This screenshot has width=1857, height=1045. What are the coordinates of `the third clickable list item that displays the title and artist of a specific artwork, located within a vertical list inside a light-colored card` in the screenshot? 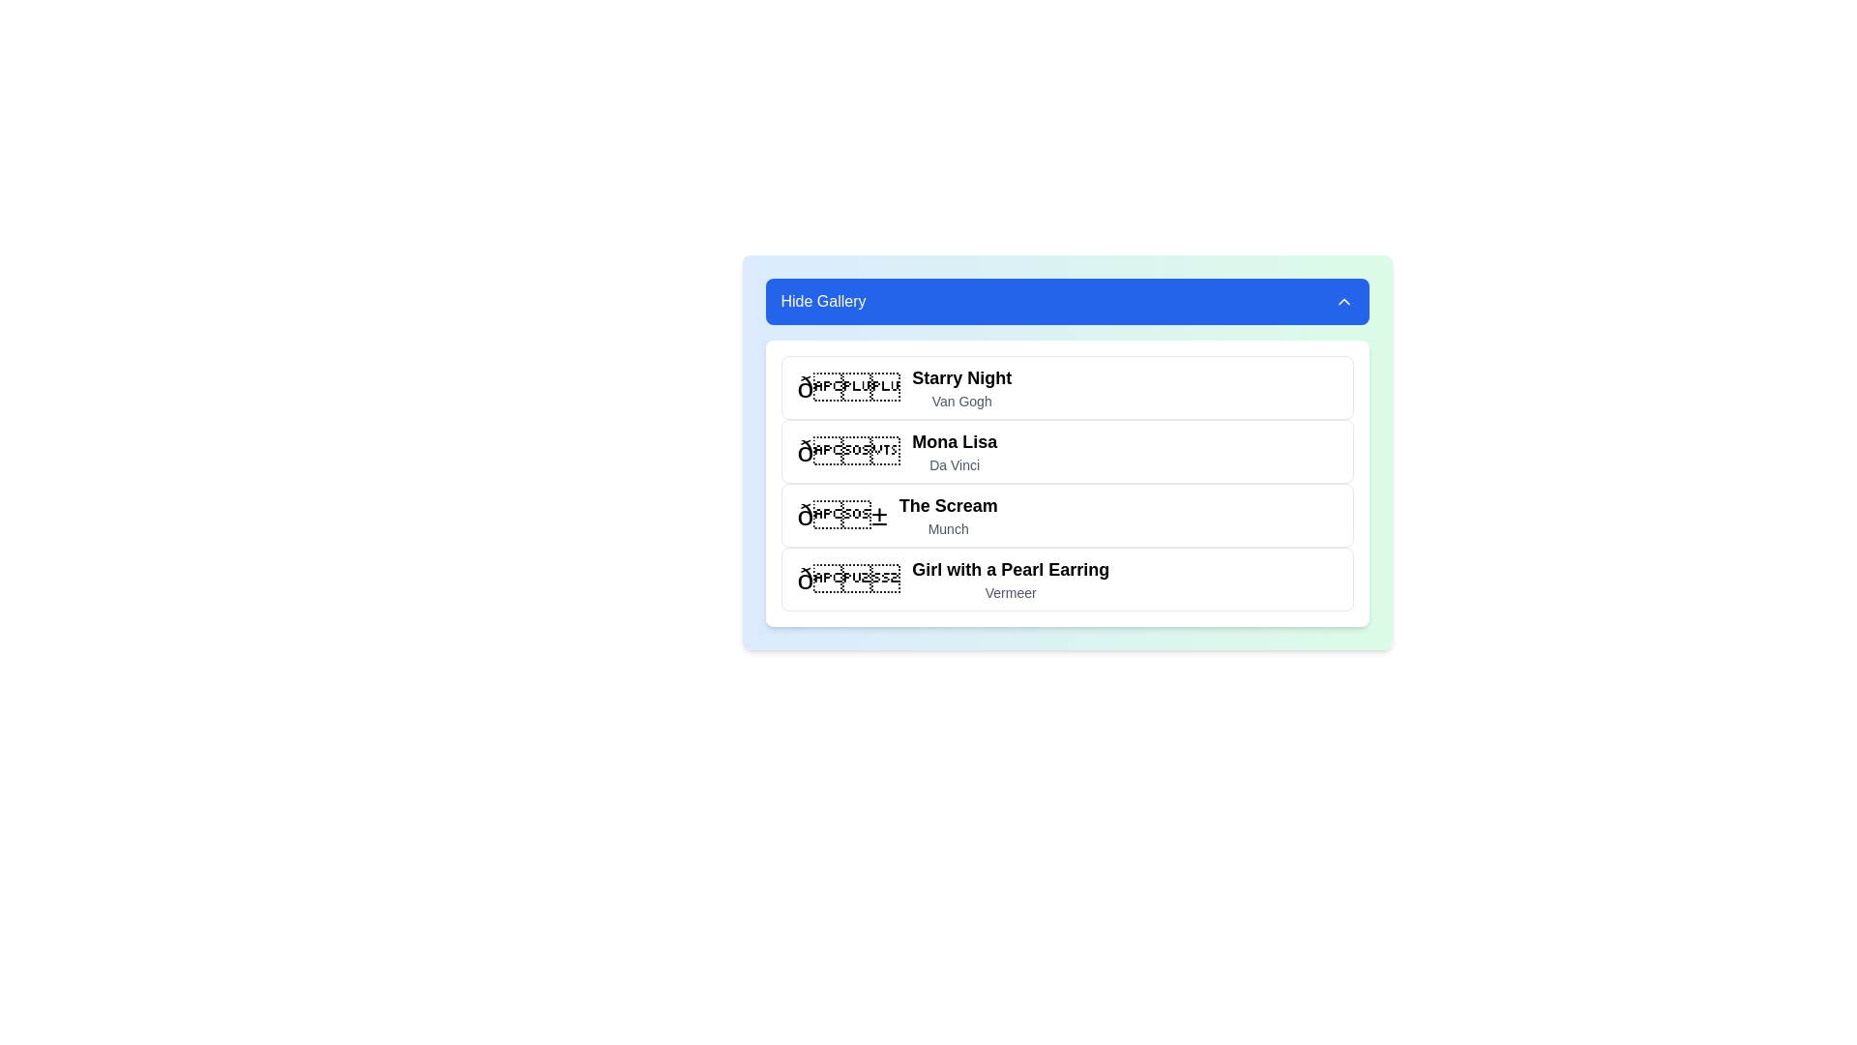 It's located at (1066, 514).